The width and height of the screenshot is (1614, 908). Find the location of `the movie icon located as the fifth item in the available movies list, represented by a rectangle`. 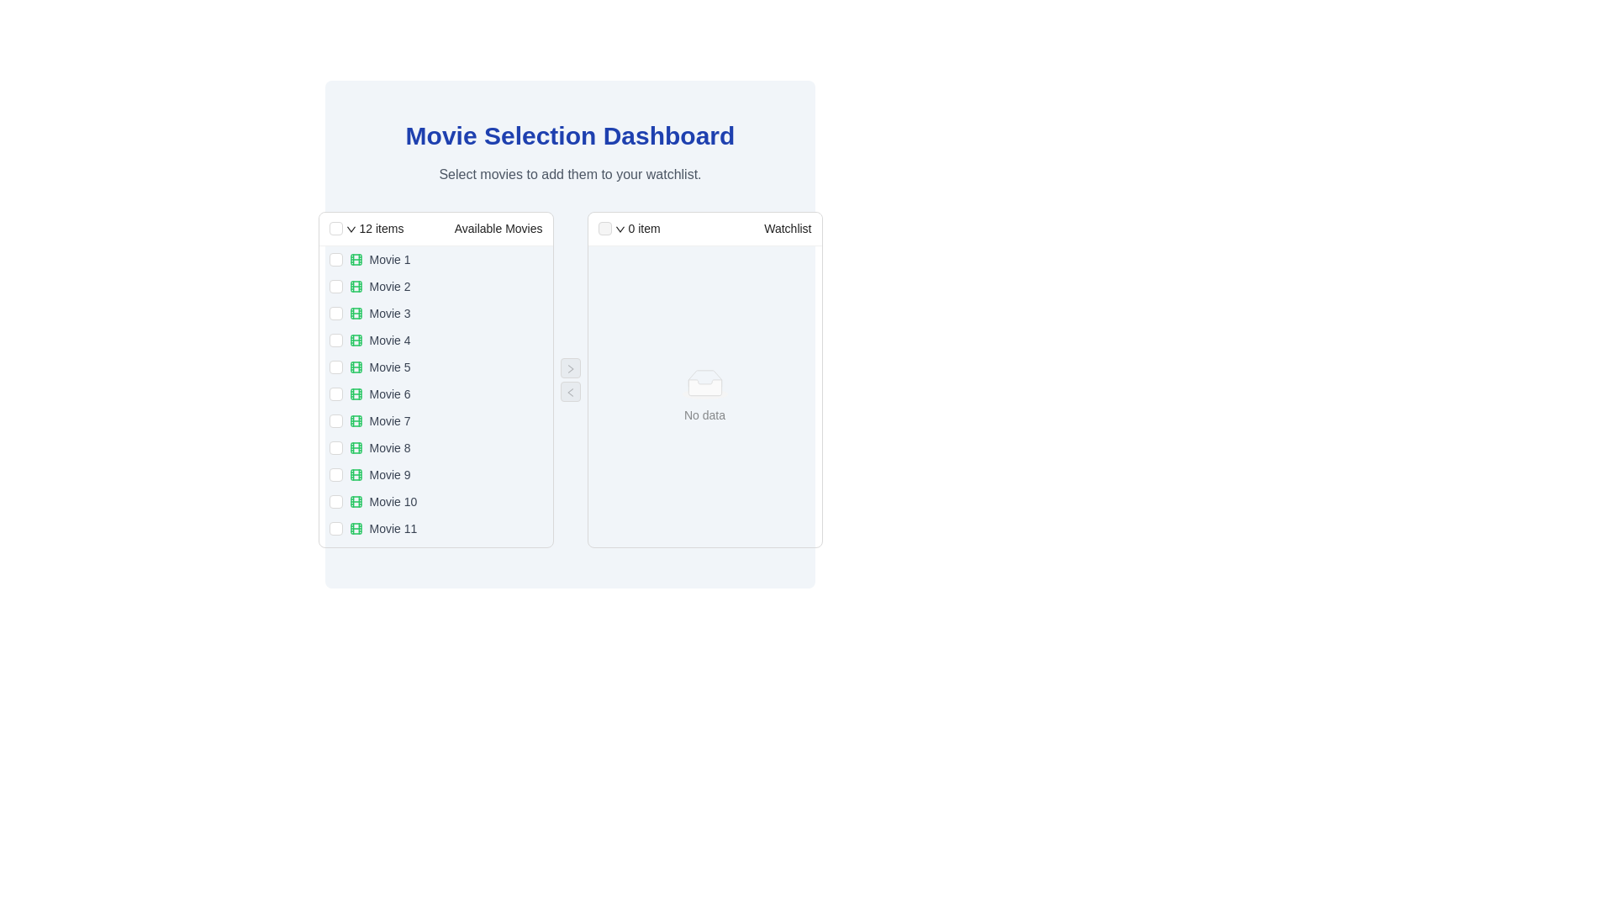

the movie icon located as the fifth item in the available movies list, represented by a rectangle is located at coordinates (355, 366).